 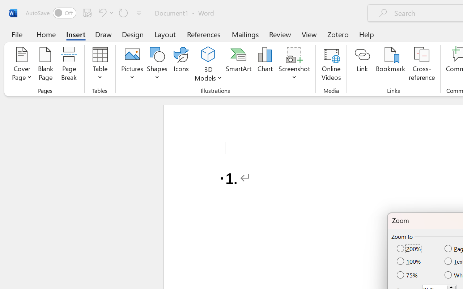 I want to click on 'Online Videos...', so click(x=331, y=65).